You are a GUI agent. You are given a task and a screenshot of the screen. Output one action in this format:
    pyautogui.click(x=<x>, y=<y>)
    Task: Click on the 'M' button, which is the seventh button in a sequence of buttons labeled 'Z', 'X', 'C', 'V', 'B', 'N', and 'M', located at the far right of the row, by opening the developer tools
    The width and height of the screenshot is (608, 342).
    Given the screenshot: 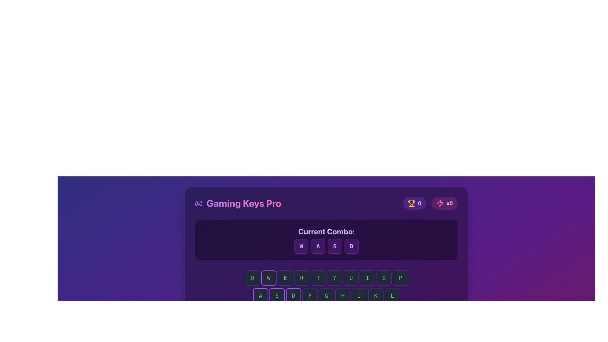 What is the action you would take?
    pyautogui.click(x=376, y=313)
    